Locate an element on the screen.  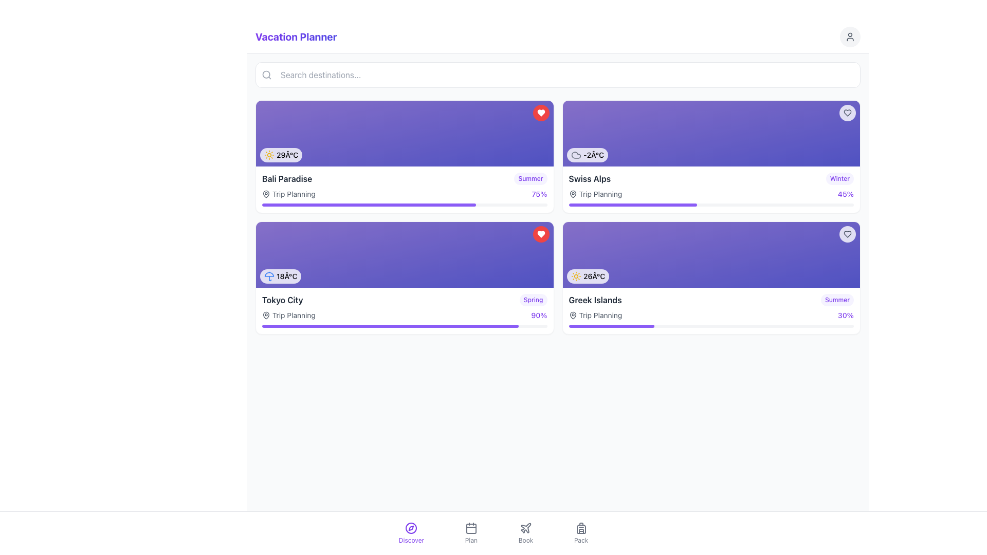
the 'Trip Planning' text label displayed in dark gray font, located below the 'Swiss Alps' title and next to a pin-like icon is located at coordinates (600, 194).